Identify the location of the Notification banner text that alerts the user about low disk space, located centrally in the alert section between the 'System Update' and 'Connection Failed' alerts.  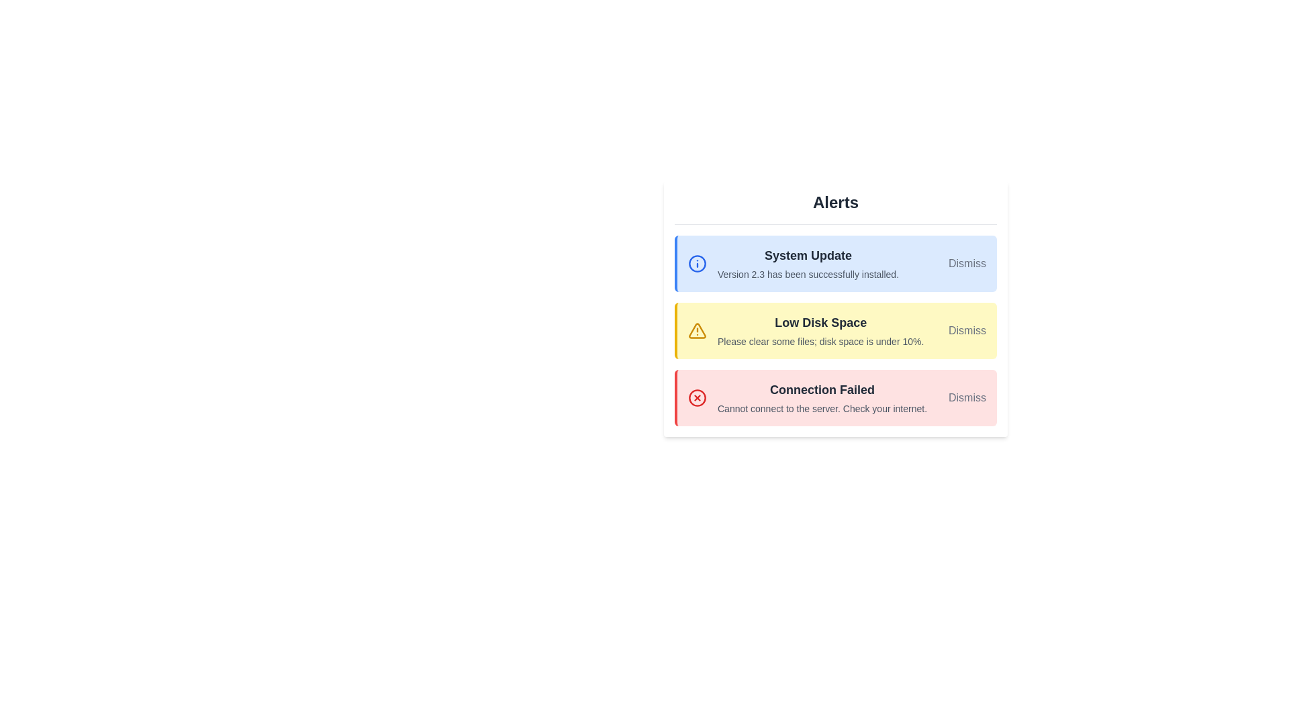
(820, 331).